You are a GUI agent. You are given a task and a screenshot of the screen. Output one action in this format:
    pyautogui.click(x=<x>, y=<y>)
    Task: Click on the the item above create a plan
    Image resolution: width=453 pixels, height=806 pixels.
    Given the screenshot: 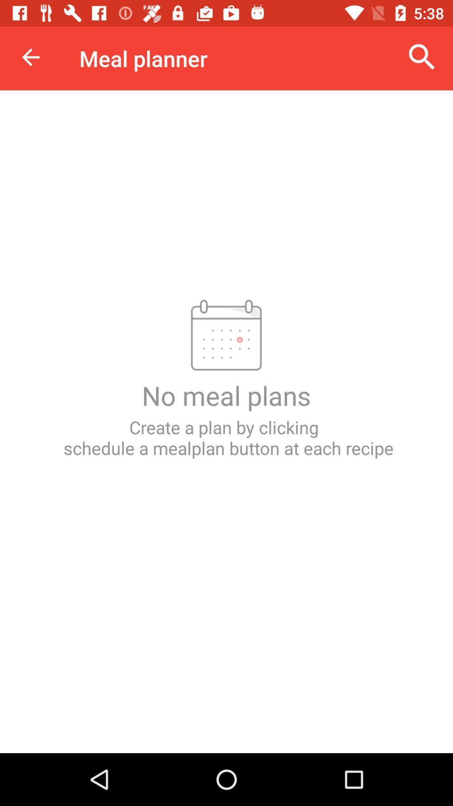 What is the action you would take?
    pyautogui.click(x=422, y=57)
    